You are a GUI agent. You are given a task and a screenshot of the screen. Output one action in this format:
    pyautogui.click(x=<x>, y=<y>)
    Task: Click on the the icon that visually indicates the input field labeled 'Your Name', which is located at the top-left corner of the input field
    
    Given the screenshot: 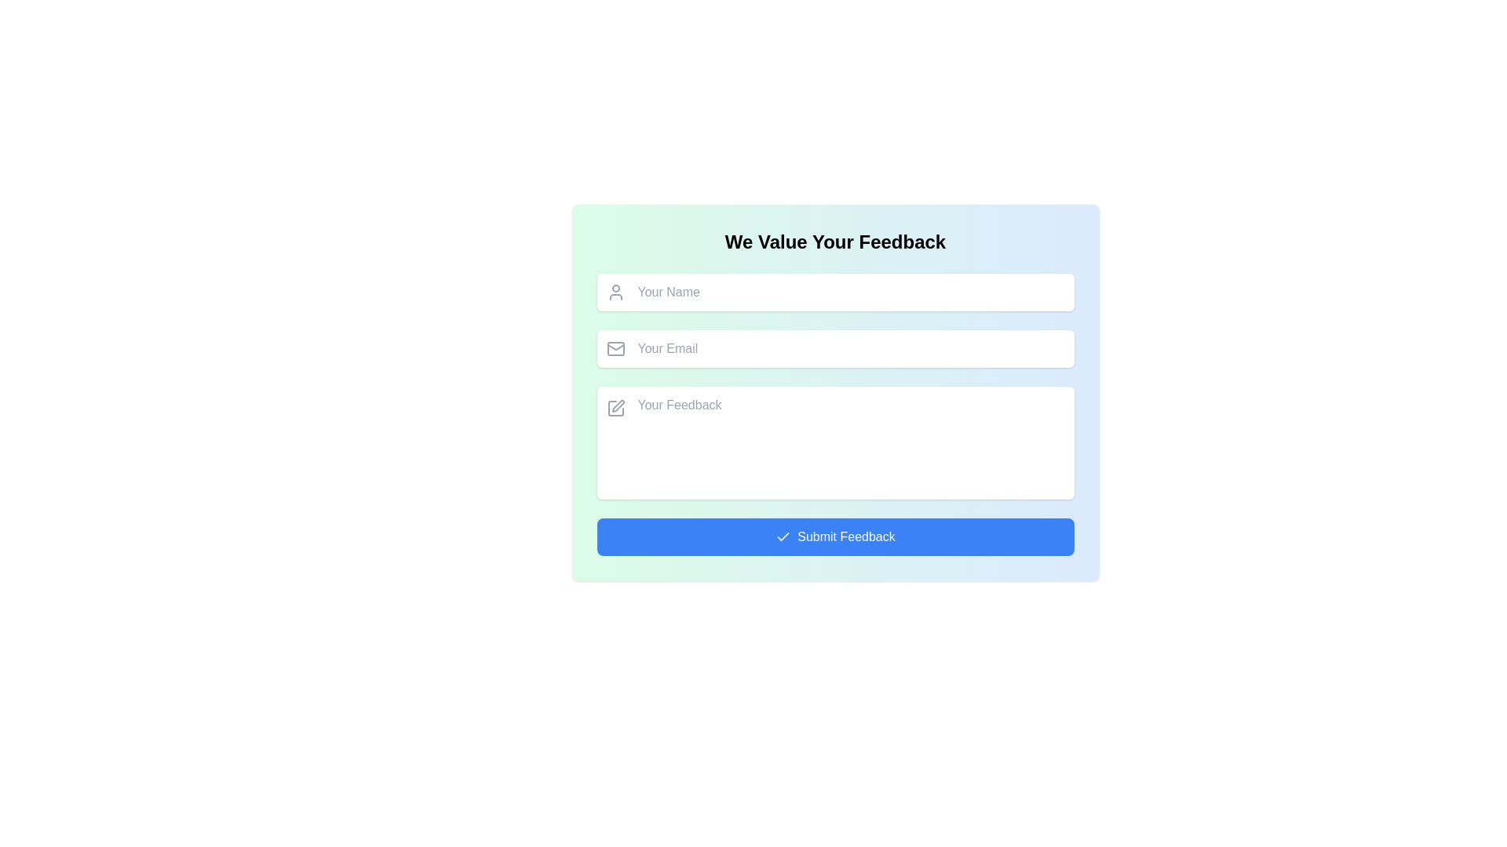 What is the action you would take?
    pyautogui.click(x=615, y=293)
    